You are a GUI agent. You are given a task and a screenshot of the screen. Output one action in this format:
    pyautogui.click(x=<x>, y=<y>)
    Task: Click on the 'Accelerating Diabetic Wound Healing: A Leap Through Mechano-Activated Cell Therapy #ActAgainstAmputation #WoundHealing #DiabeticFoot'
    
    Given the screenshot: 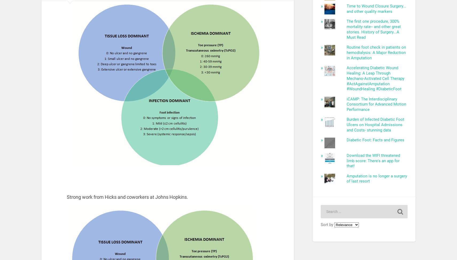 What is the action you would take?
    pyautogui.click(x=375, y=78)
    